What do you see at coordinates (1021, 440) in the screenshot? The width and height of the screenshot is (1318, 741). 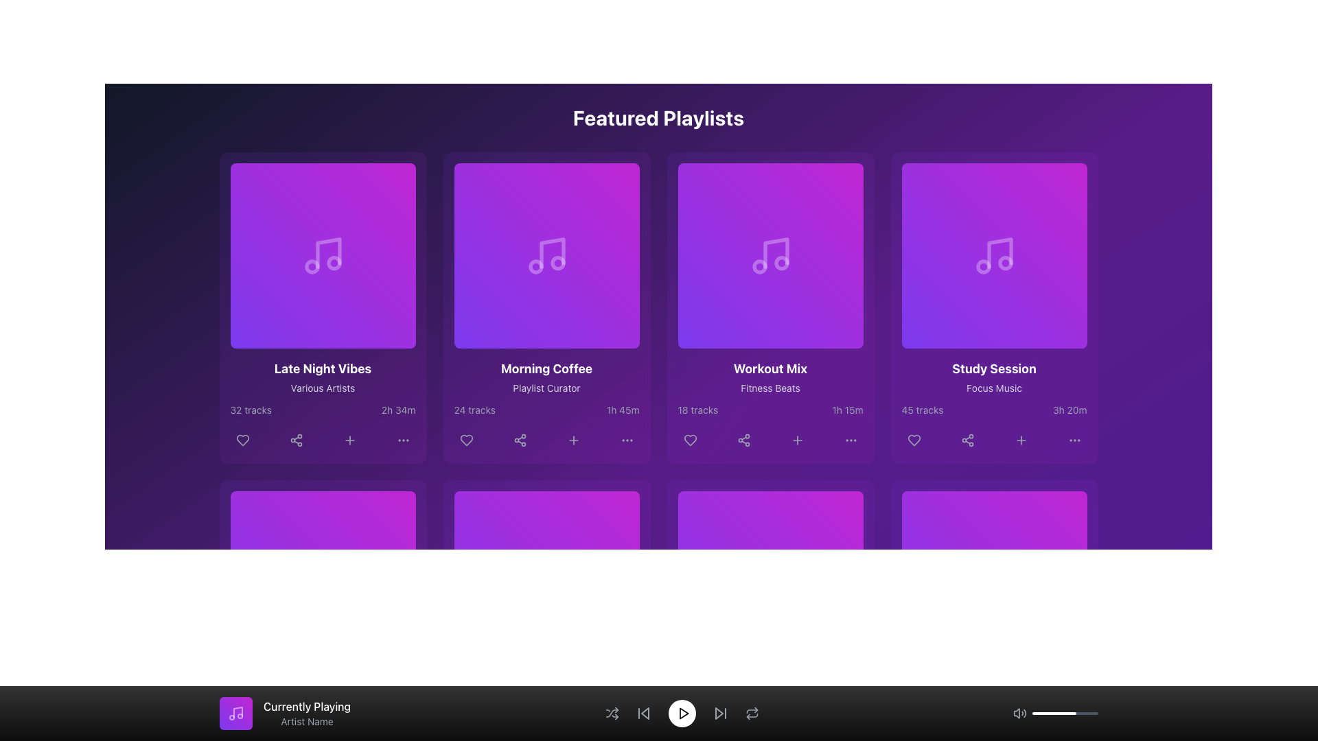 I see `the button located below the 'Study Session' card, which is the fourth button in a series of icons` at bounding box center [1021, 440].